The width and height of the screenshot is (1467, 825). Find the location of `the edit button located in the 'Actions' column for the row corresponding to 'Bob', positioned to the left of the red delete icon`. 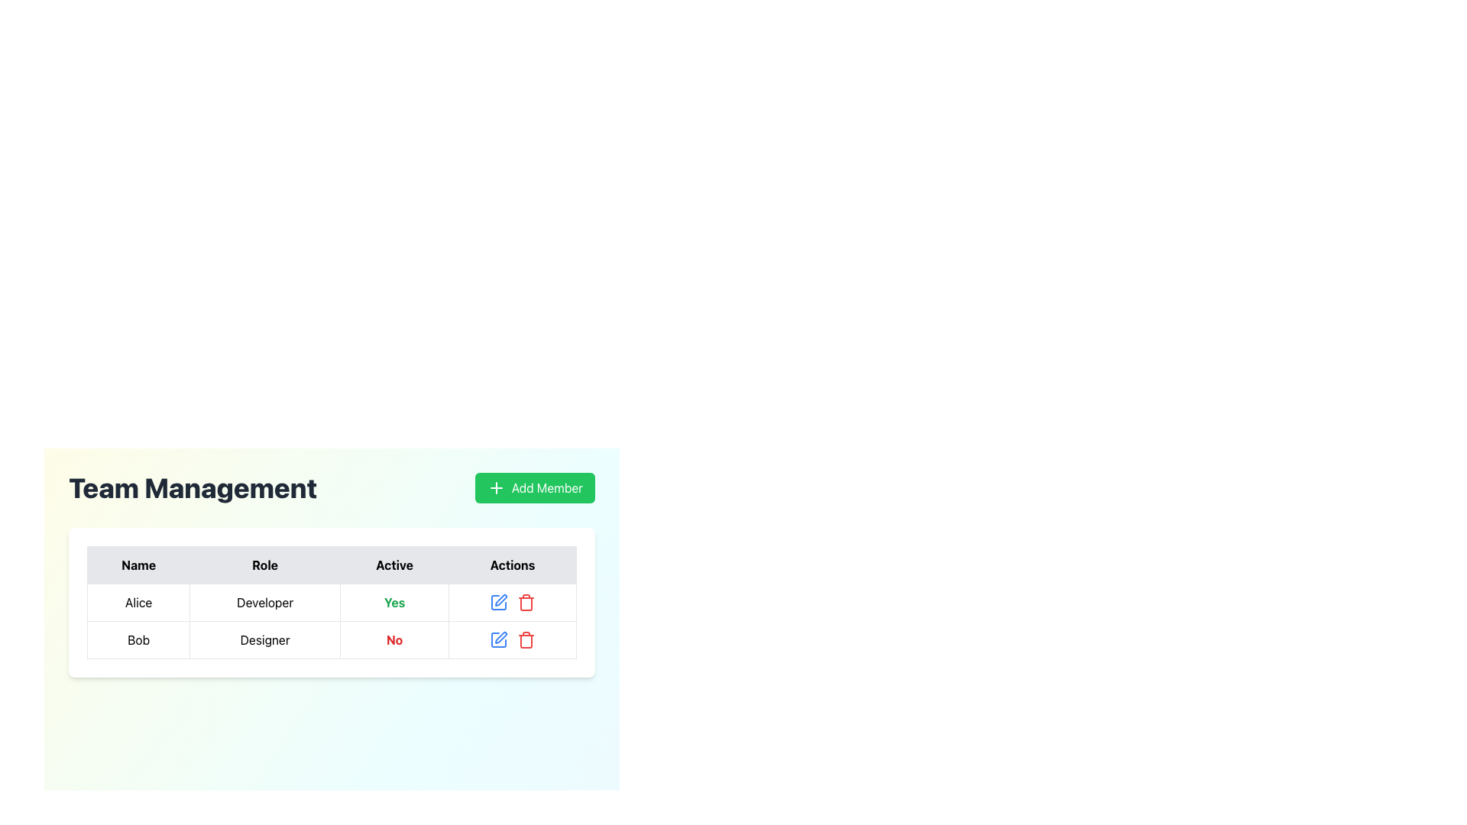

the edit button located in the 'Actions' column for the row corresponding to 'Bob', positioned to the left of the red delete icon is located at coordinates (499, 639).